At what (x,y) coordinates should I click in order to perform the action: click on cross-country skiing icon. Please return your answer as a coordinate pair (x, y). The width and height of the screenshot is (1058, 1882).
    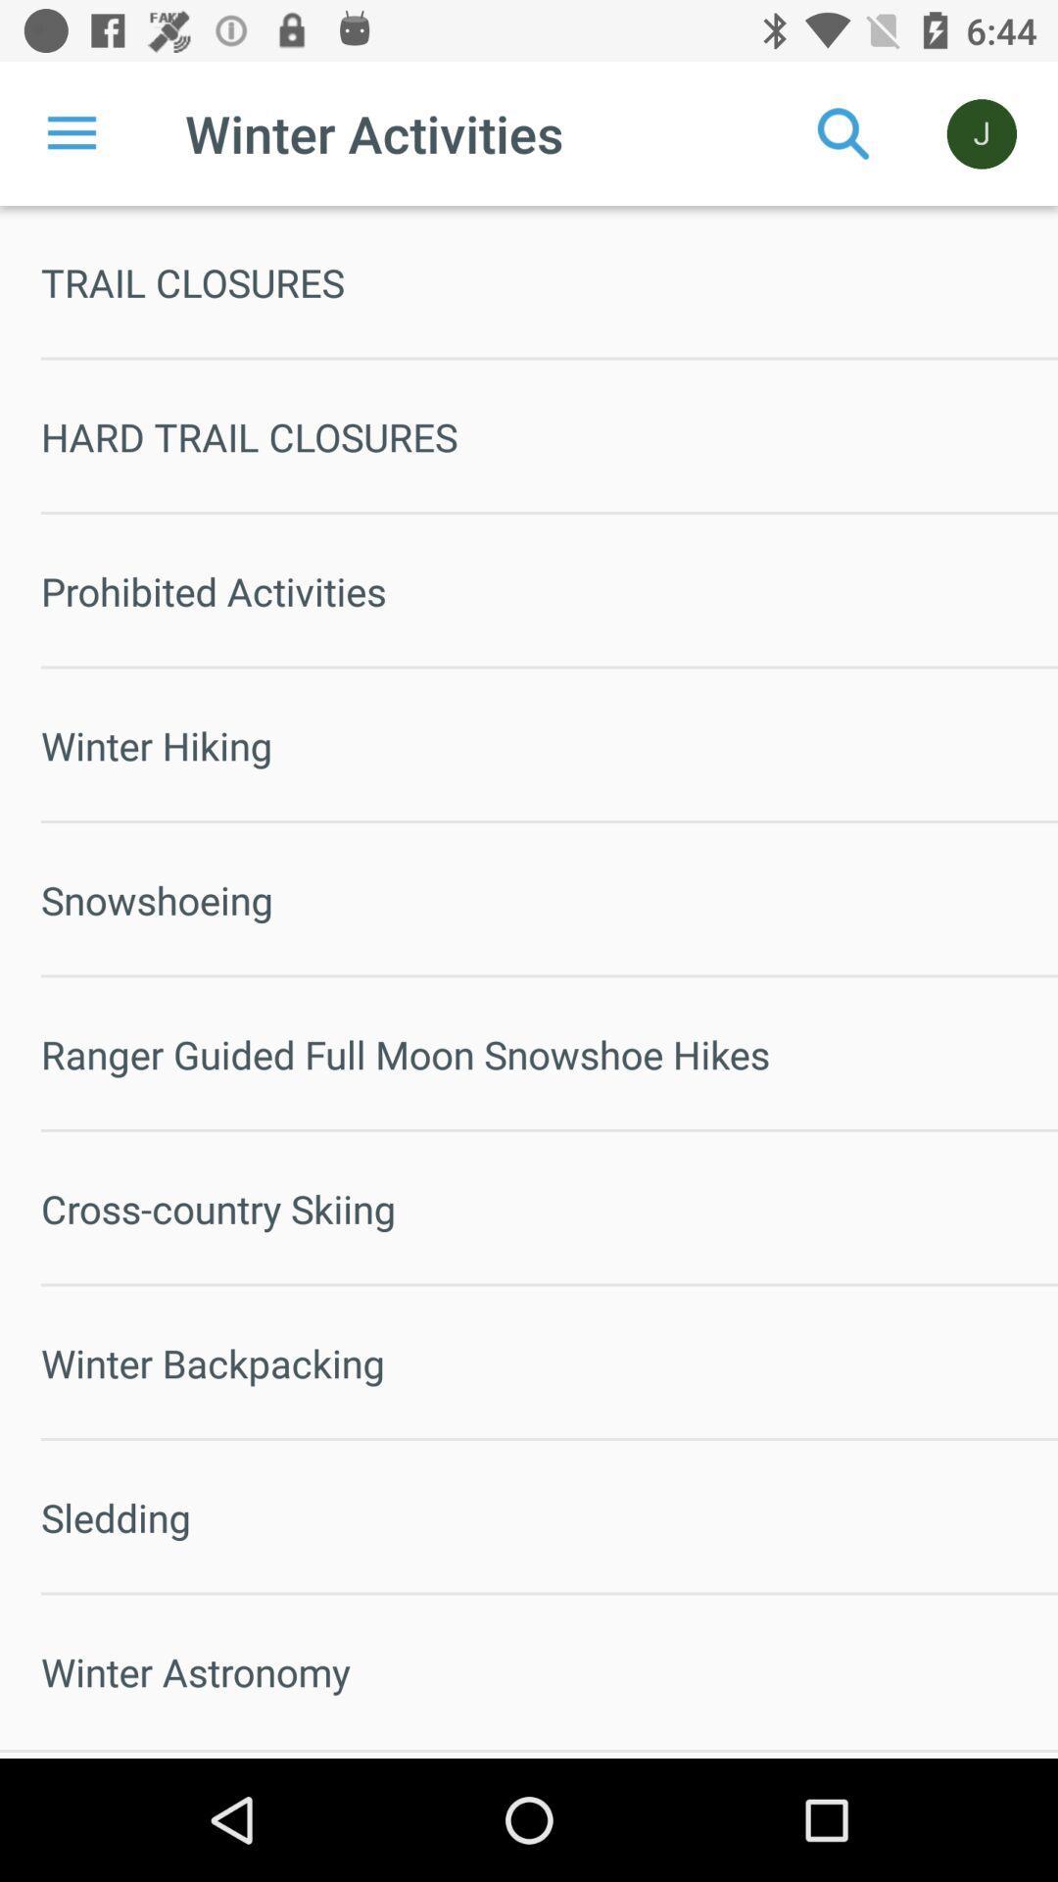
    Looking at the image, I should click on (549, 1208).